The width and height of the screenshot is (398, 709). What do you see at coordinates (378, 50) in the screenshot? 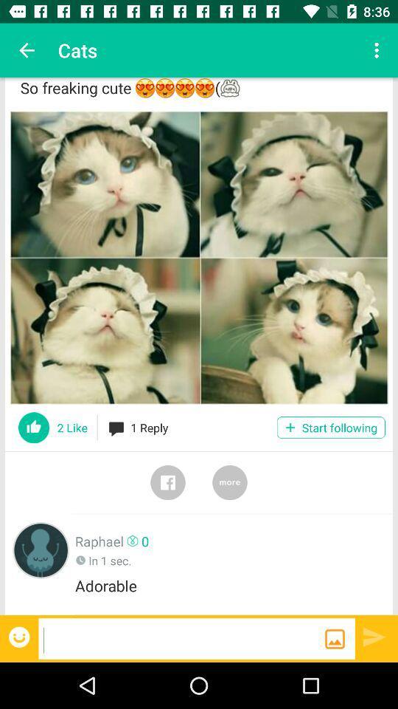
I see `the item to the right of cats item` at bounding box center [378, 50].